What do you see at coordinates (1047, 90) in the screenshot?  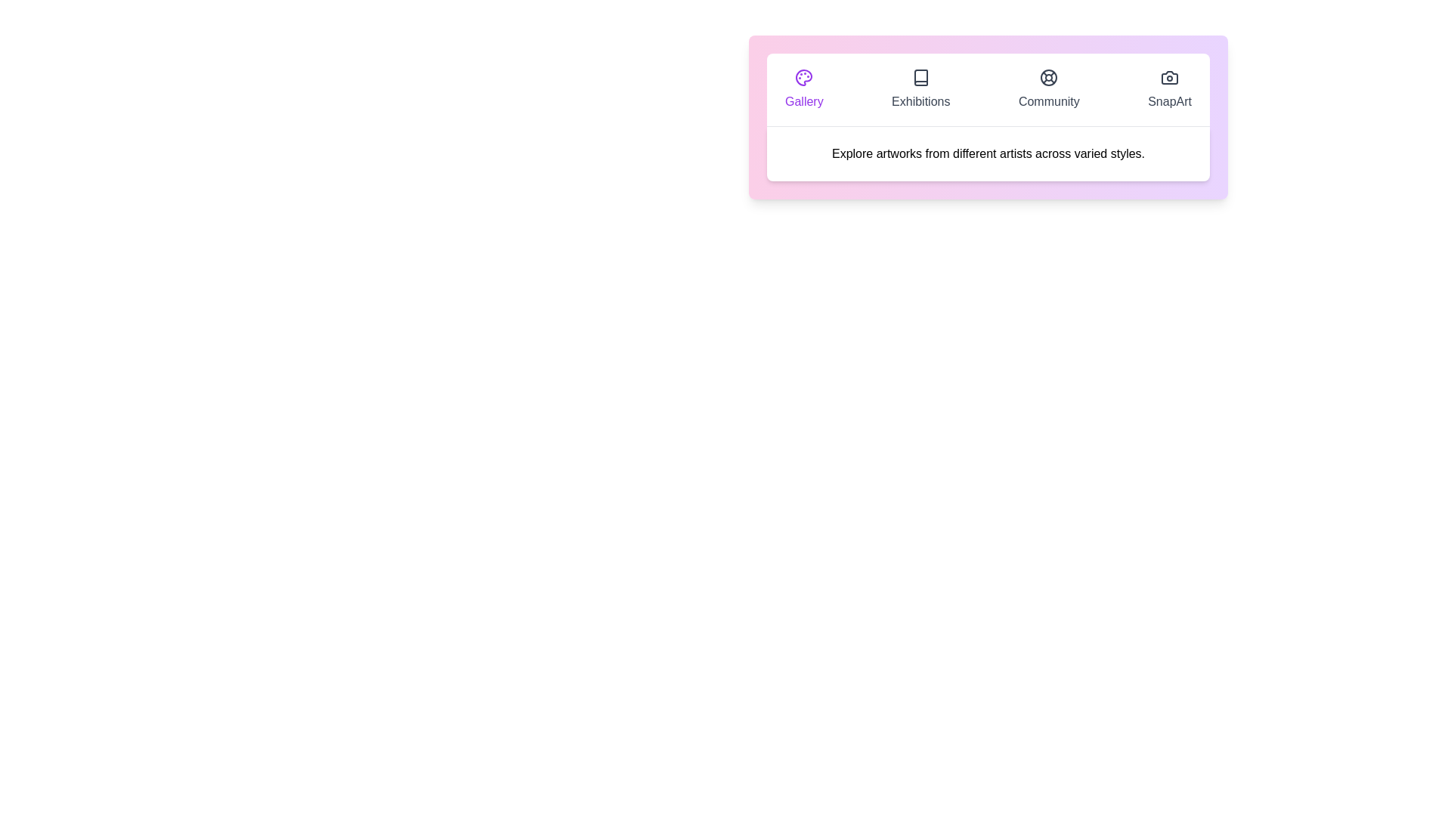 I see `the tab labeled Community` at bounding box center [1047, 90].